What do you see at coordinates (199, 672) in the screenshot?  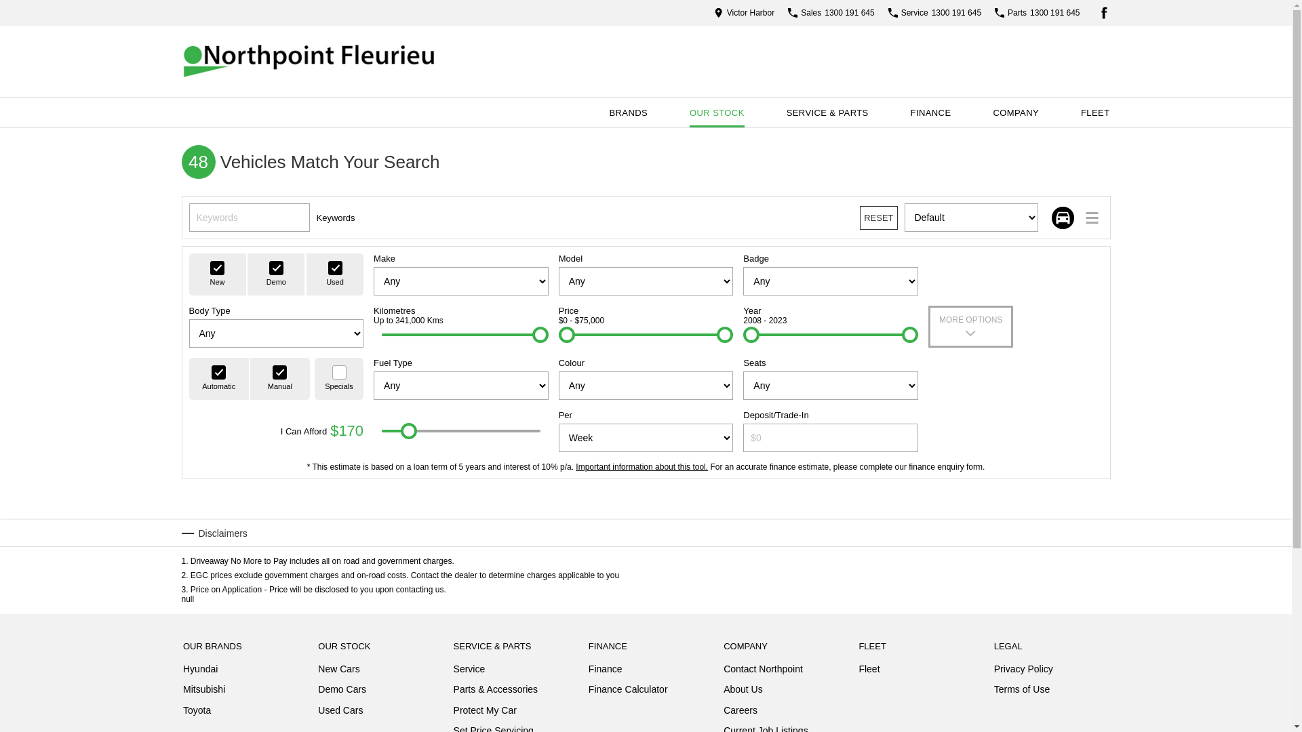 I see `'Hyundai'` at bounding box center [199, 672].